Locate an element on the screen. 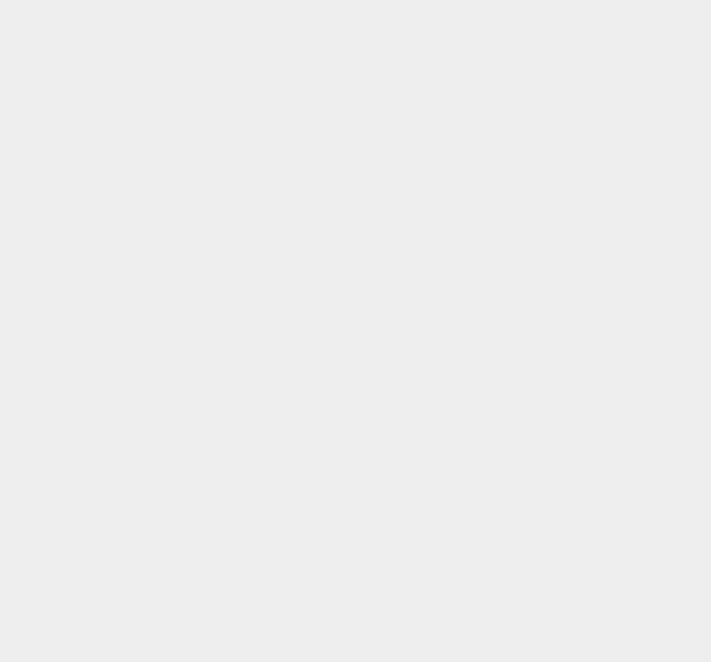  'macOS 14' is located at coordinates (522, 124).